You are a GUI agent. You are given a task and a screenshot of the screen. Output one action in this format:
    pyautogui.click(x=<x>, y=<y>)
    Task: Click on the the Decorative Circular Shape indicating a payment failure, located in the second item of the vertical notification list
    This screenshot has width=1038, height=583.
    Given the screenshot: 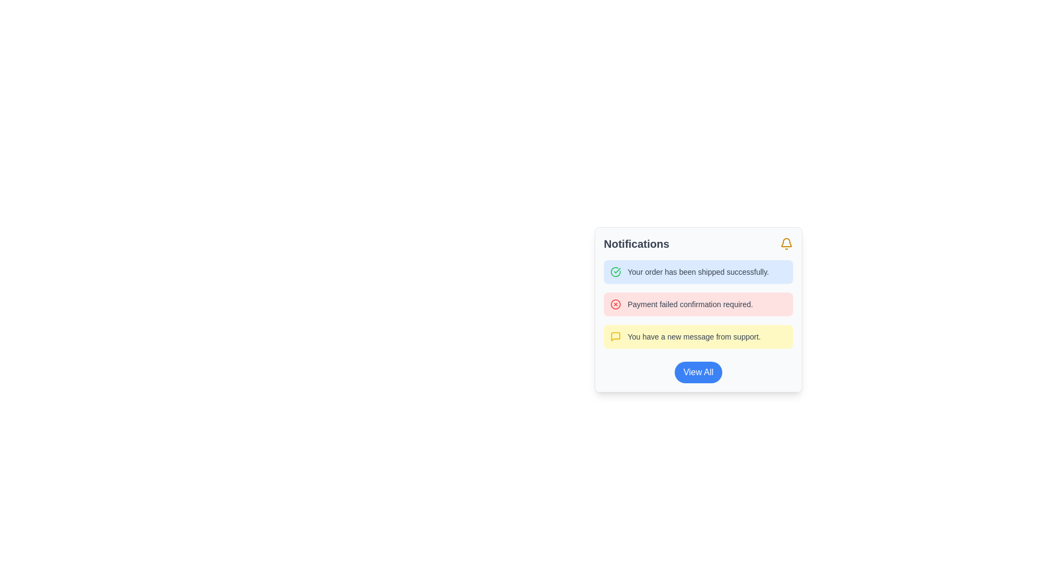 What is the action you would take?
    pyautogui.click(x=615, y=304)
    